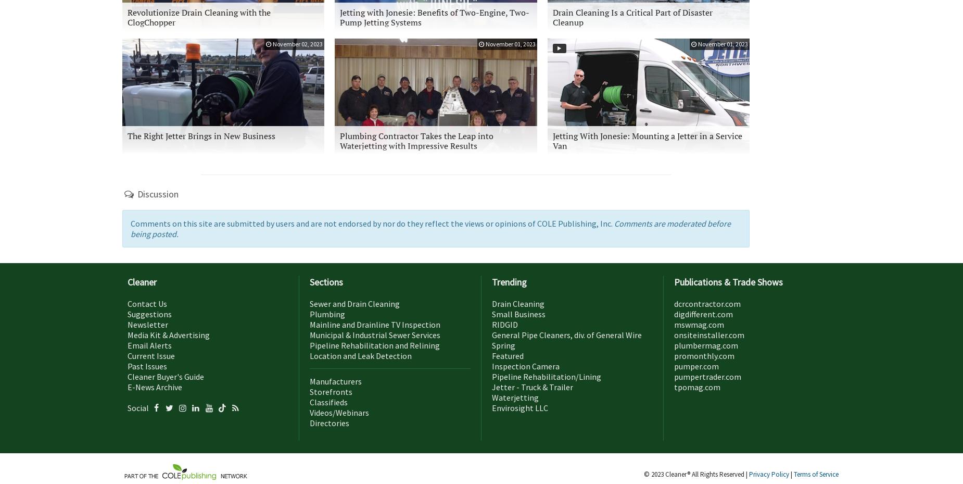 The width and height of the screenshot is (963, 484). I want to click on 'pumpertrader.com', so click(707, 376).